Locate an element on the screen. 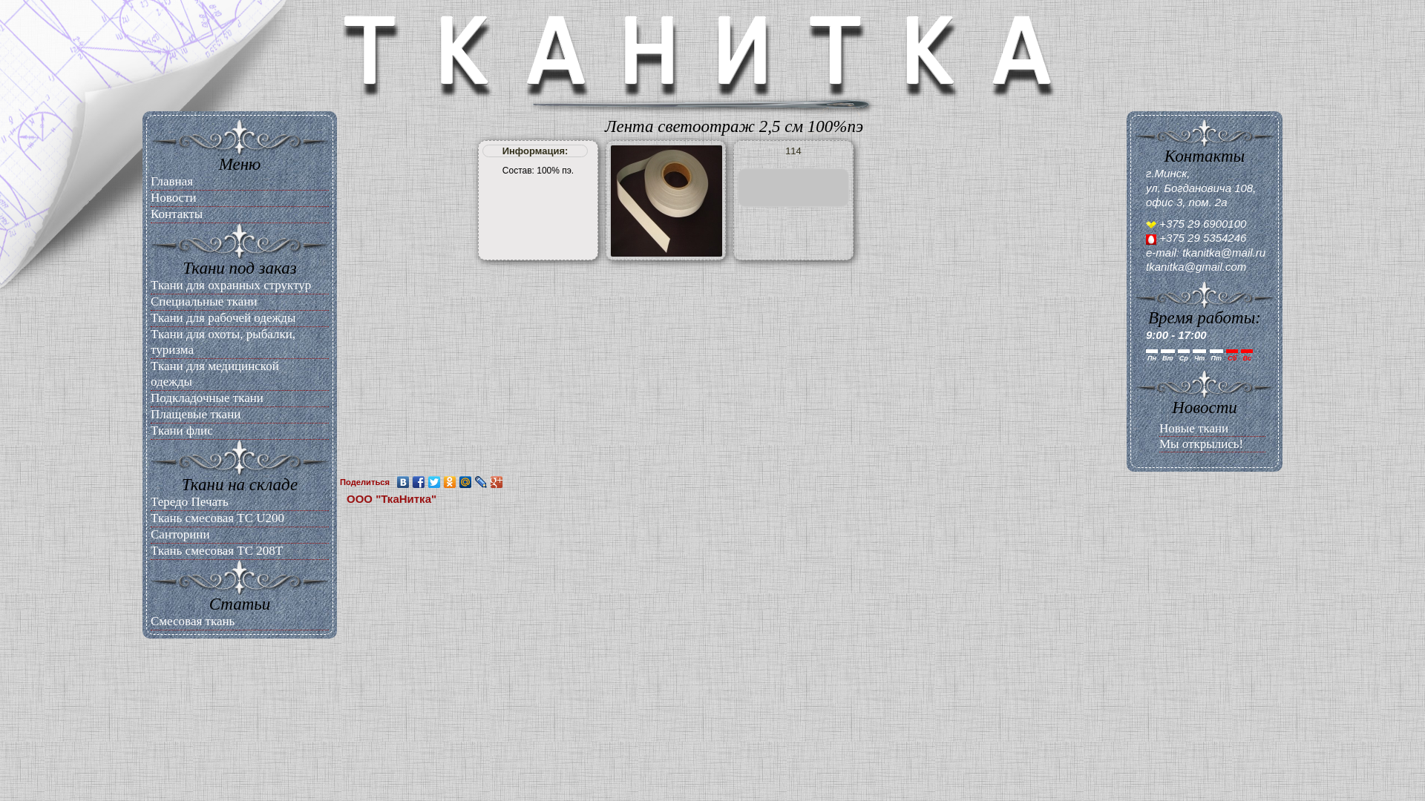 The height and width of the screenshot is (801, 1425). 'Google Plus' is located at coordinates (497, 482).